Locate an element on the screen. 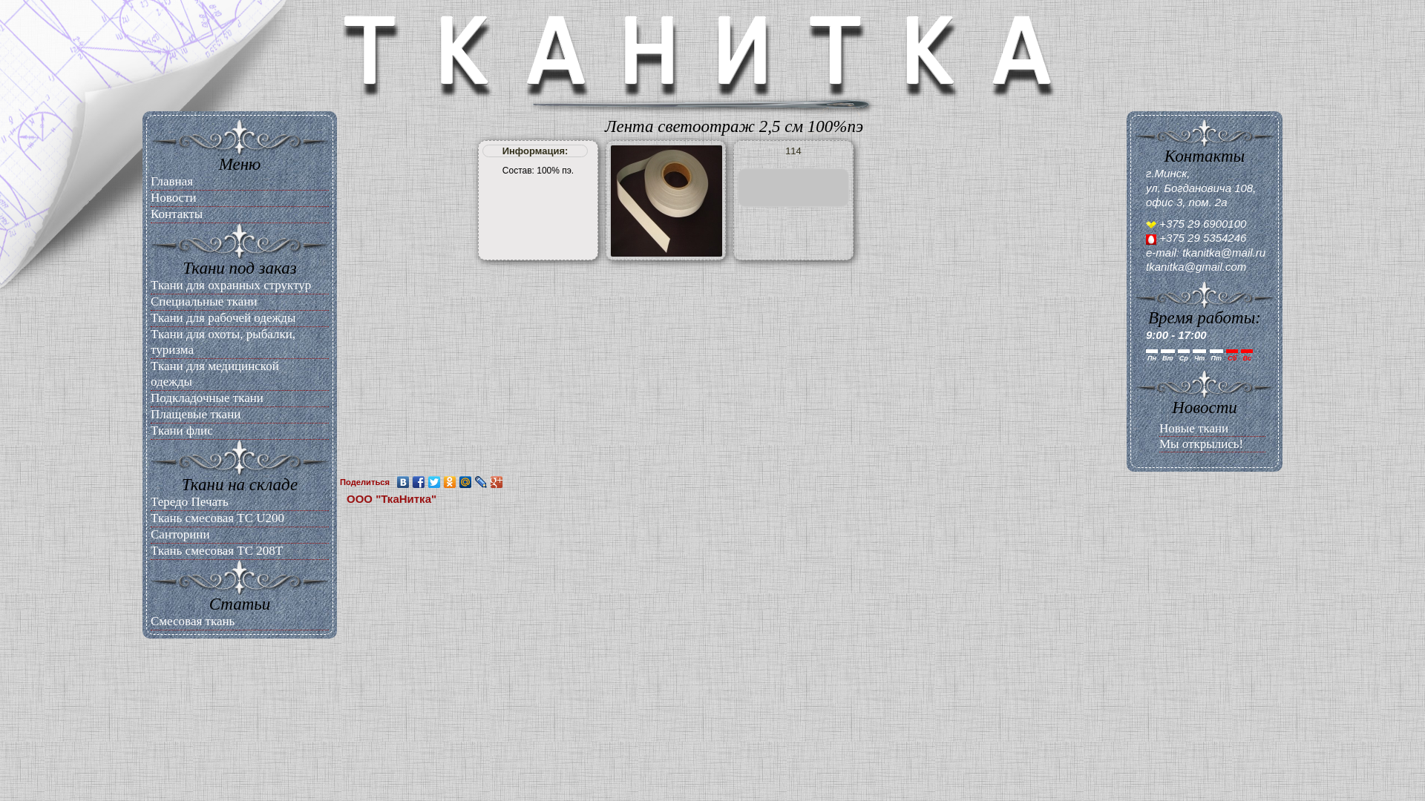 The height and width of the screenshot is (801, 1425). 'Google Plus' is located at coordinates (497, 482).